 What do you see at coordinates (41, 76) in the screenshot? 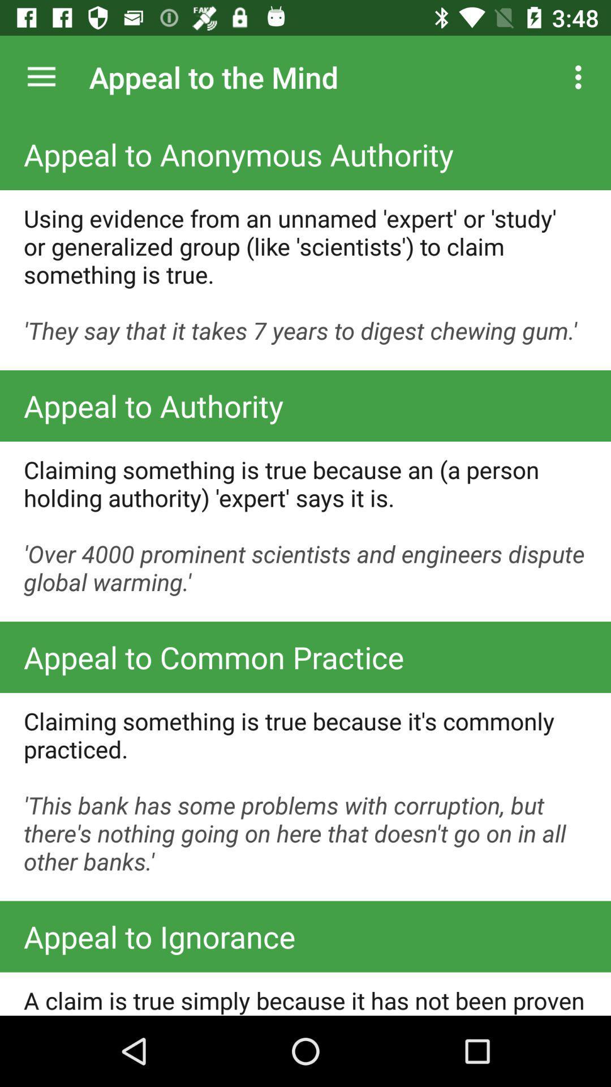
I see `icon next to appeal to the item` at bounding box center [41, 76].